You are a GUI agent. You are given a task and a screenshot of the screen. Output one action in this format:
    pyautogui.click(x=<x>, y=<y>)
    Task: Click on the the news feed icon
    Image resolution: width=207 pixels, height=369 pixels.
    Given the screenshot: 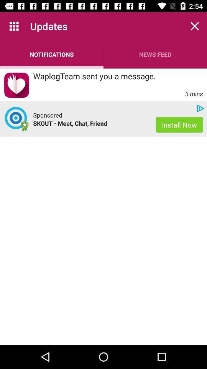 What is the action you would take?
    pyautogui.click(x=155, y=54)
    